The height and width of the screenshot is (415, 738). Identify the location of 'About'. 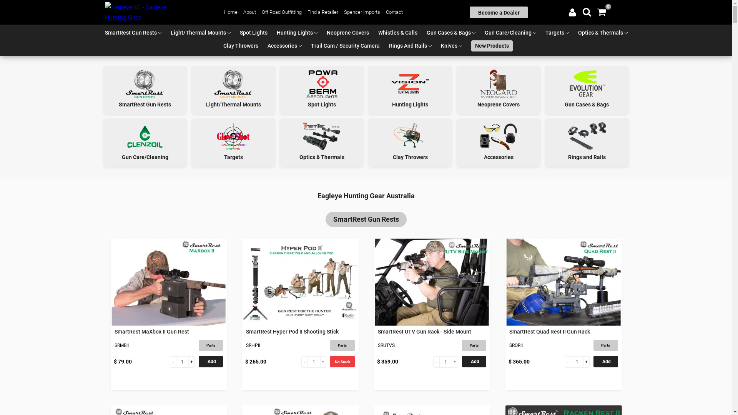
(249, 12).